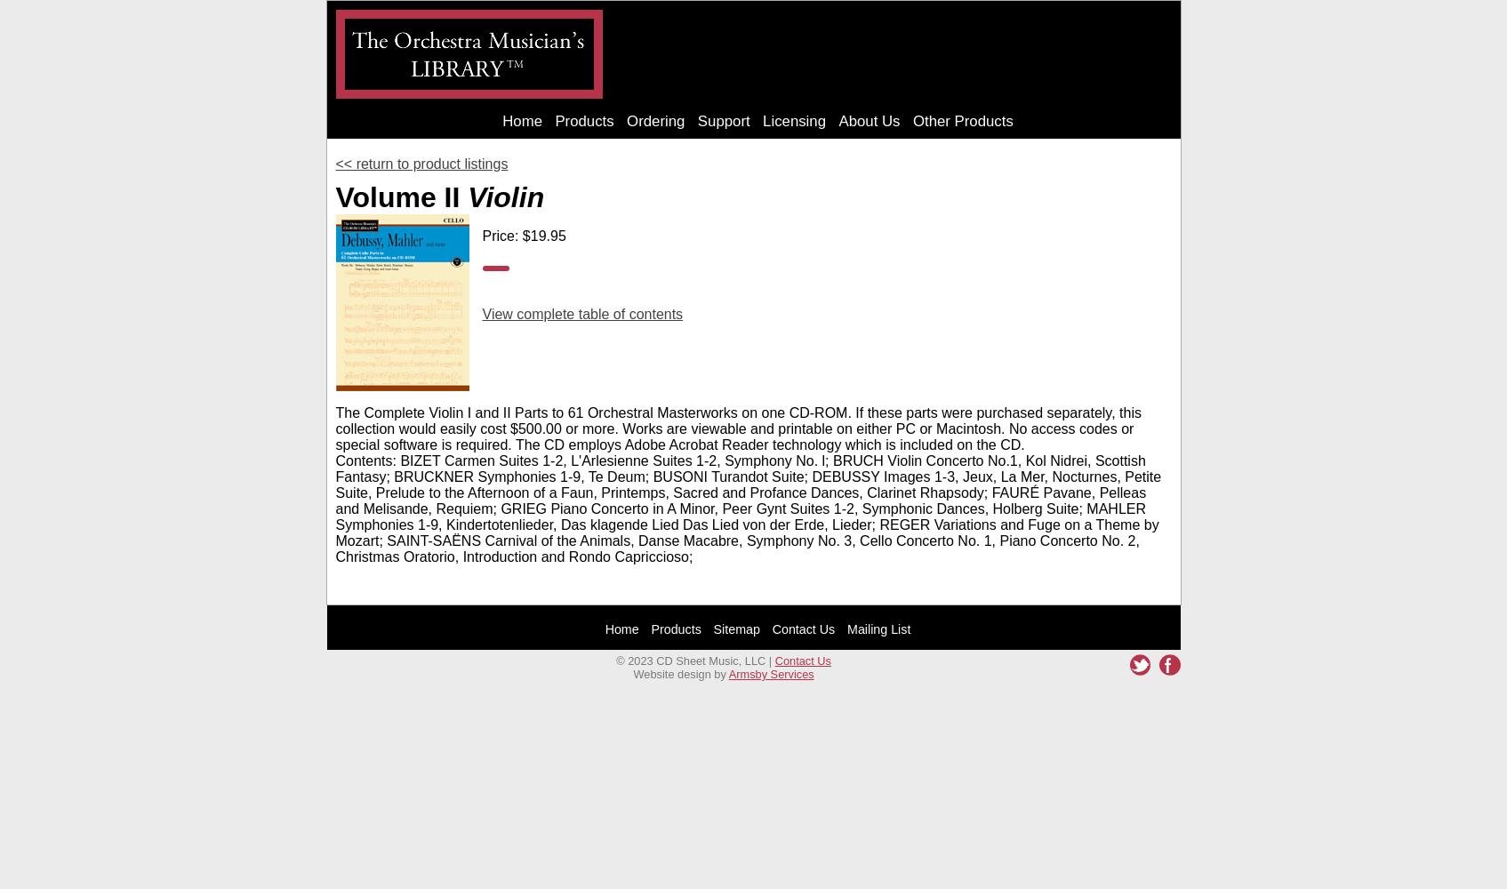 This screenshot has height=889, width=1507. I want to click on 'Price: $19.95', so click(482, 236).